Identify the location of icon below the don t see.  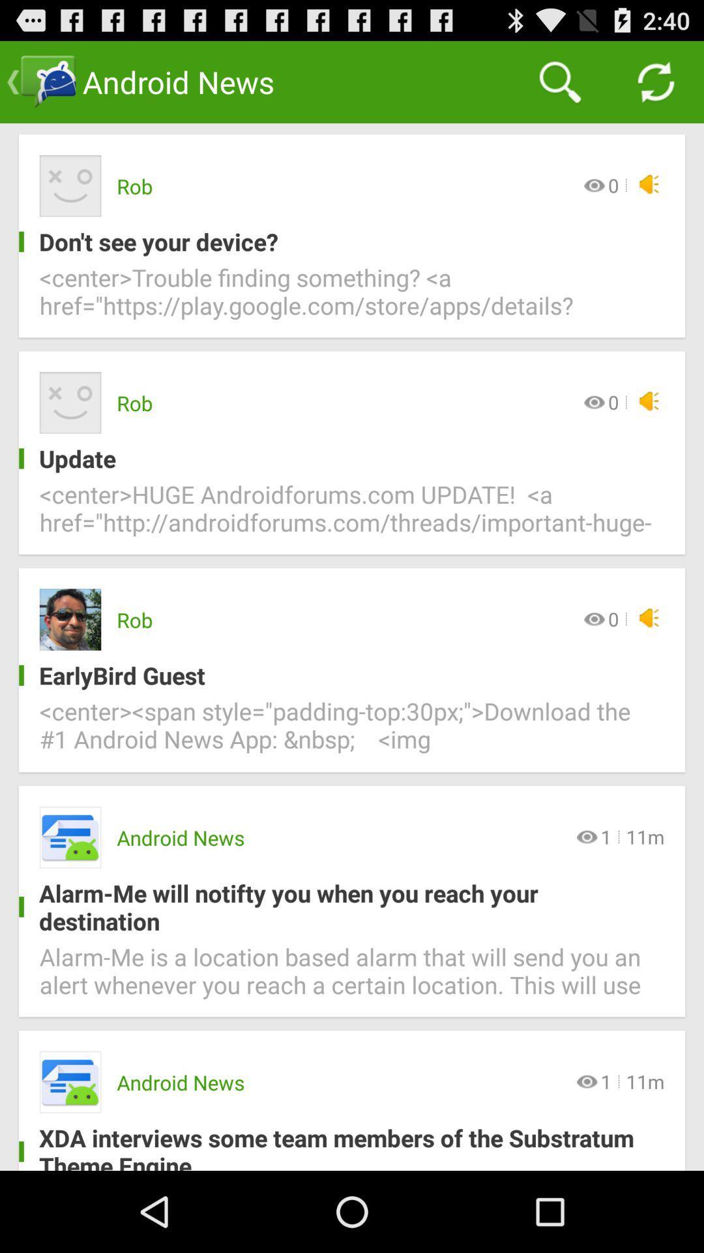
(352, 299).